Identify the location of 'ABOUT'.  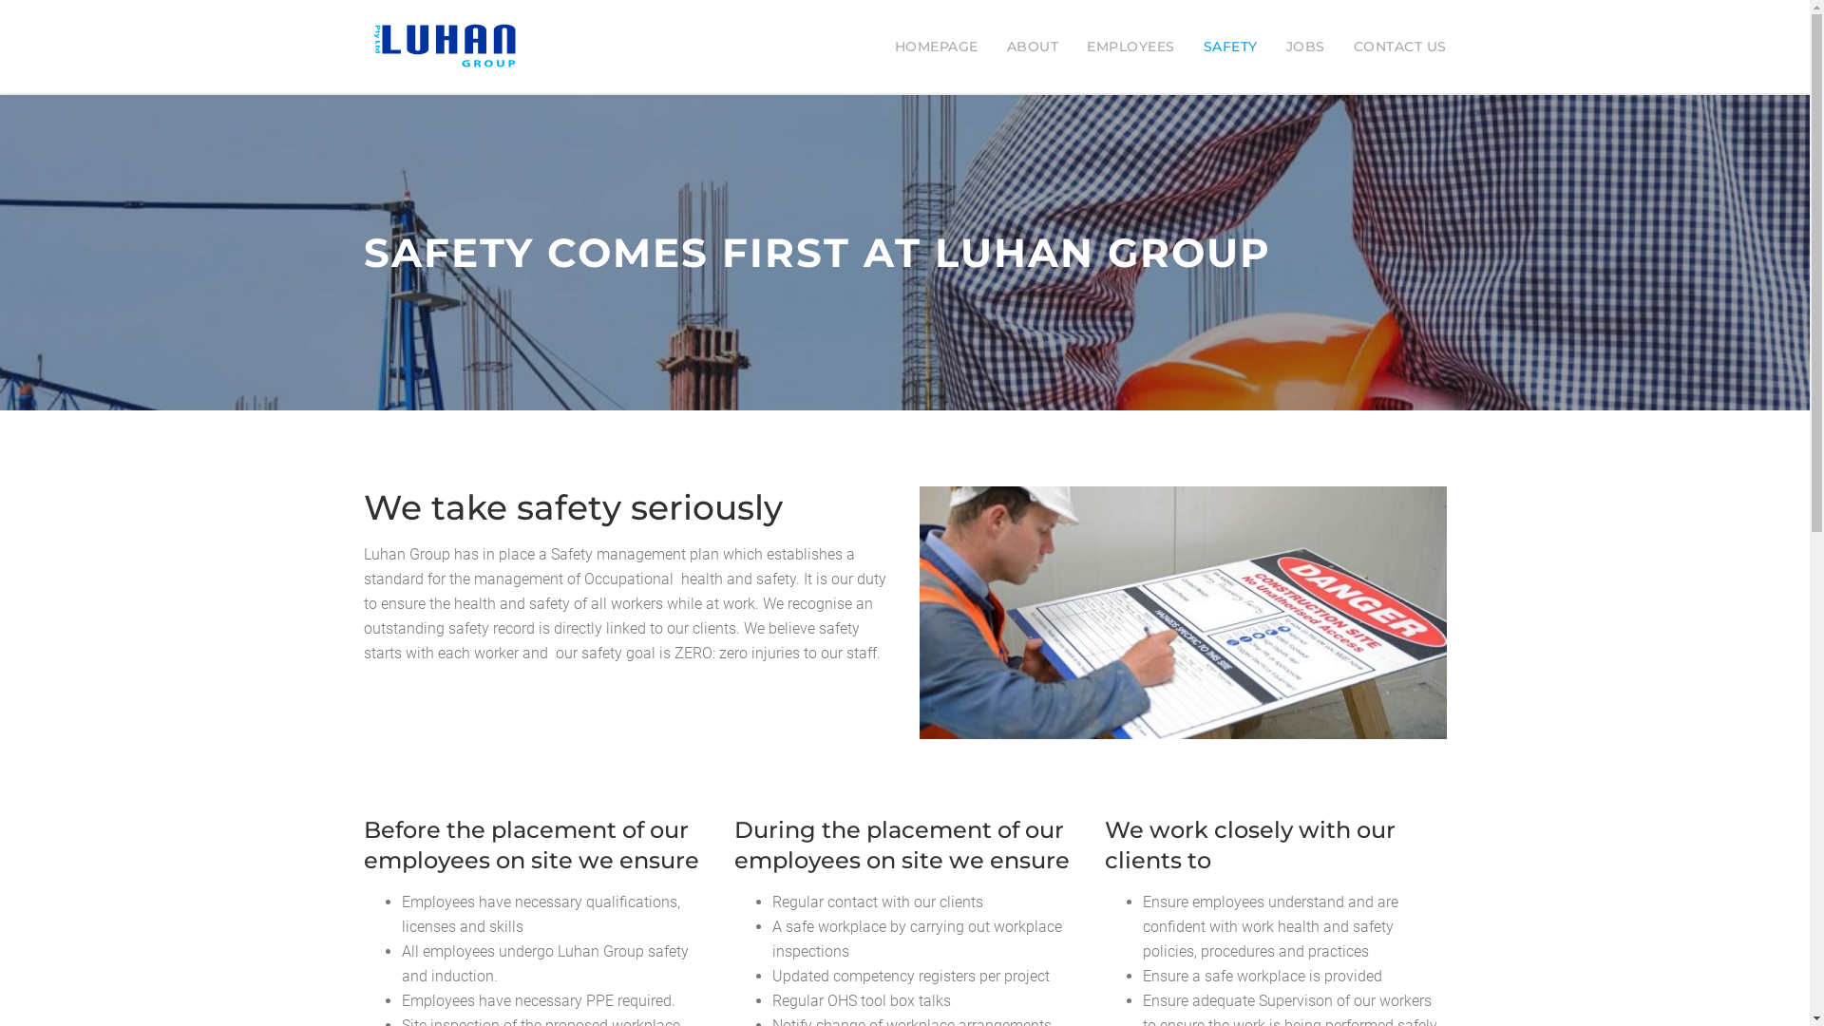
(1032, 46).